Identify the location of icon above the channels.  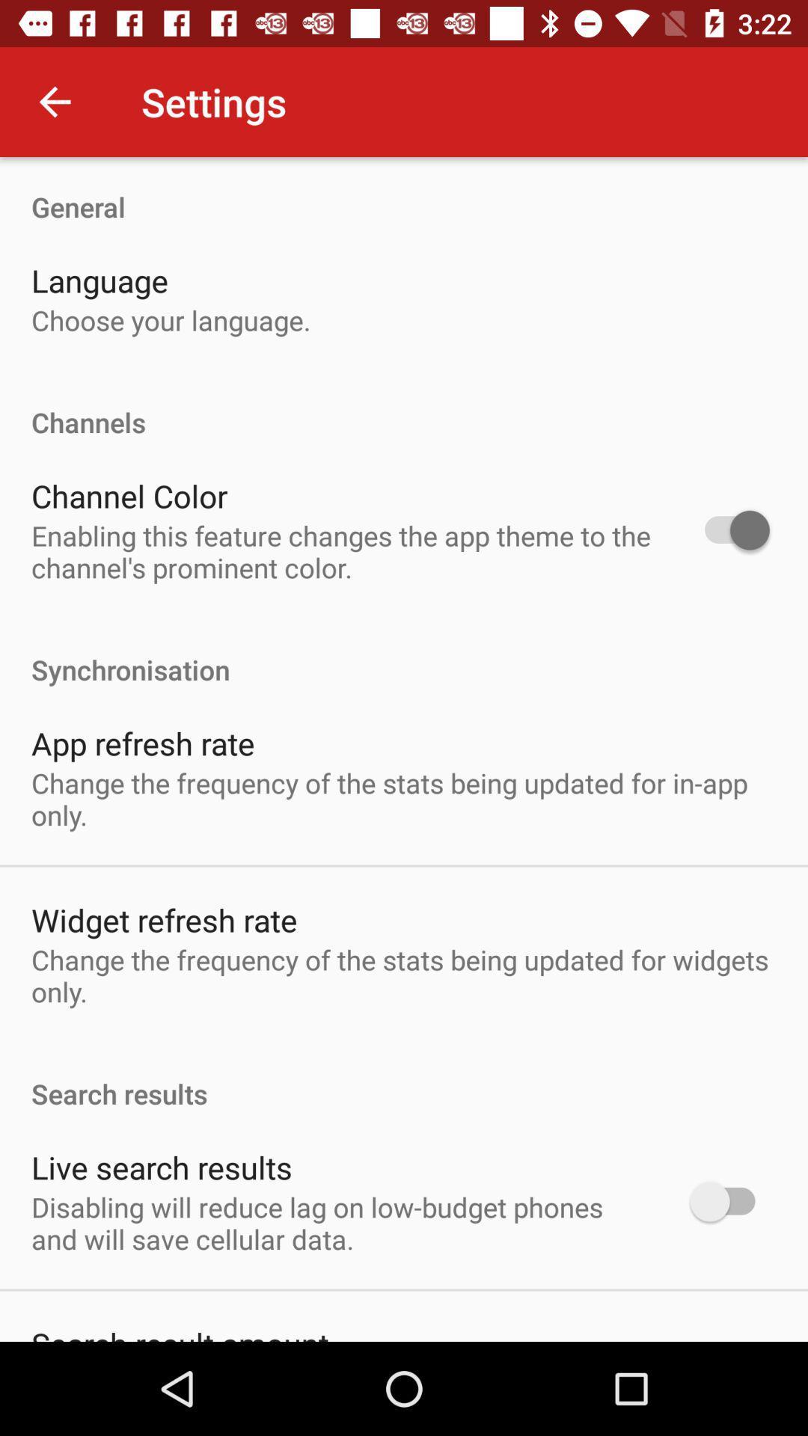
(170, 319).